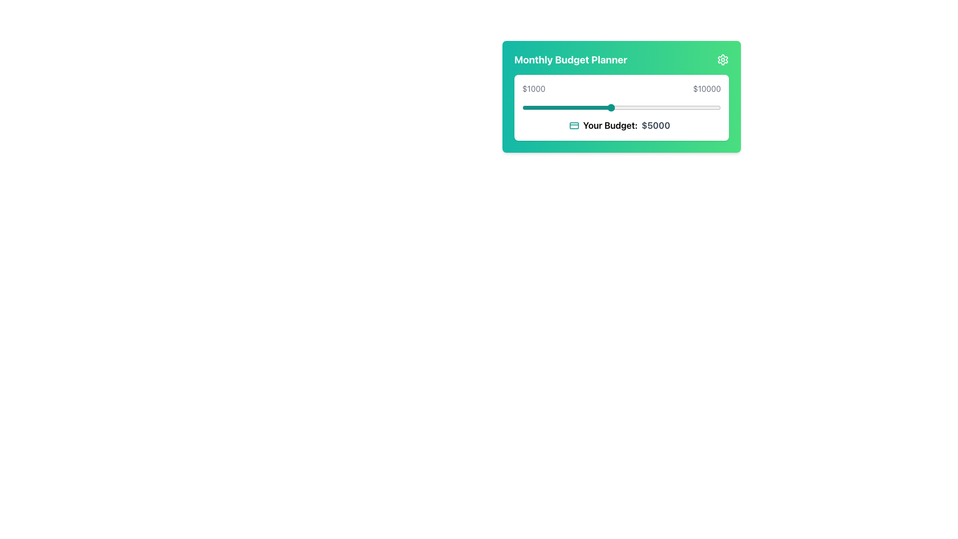 This screenshot has width=958, height=539. Describe the element at coordinates (706, 88) in the screenshot. I see `the bold gray text label displaying the monetary value '$10000', which is aligned to the far right of the budget planner interface with a gradient green background` at that location.